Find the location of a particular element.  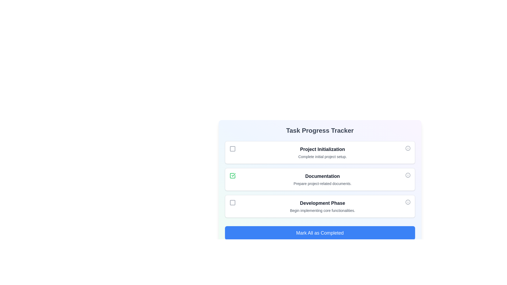

the checkbox is located at coordinates (232, 176).